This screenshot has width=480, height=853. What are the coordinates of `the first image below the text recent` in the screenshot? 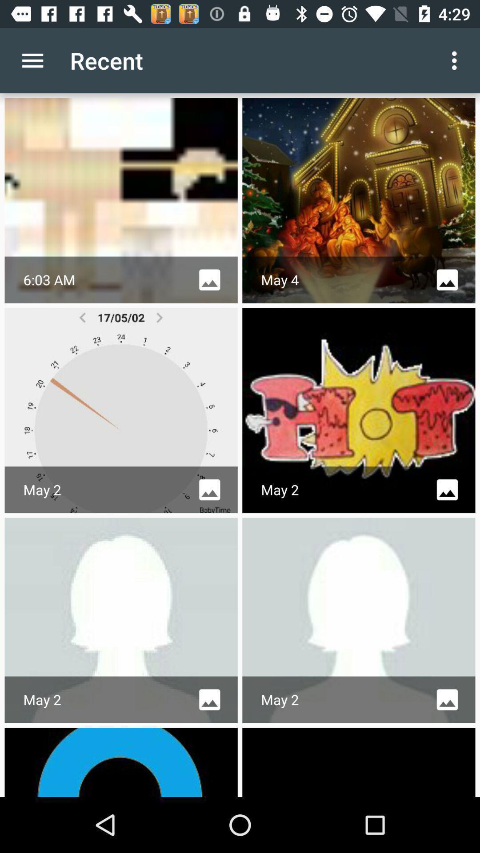 It's located at (121, 200).